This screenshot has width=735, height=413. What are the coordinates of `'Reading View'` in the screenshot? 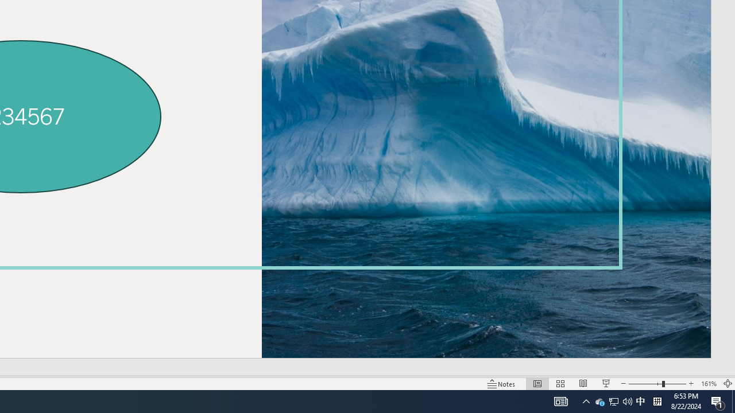 It's located at (583, 384).